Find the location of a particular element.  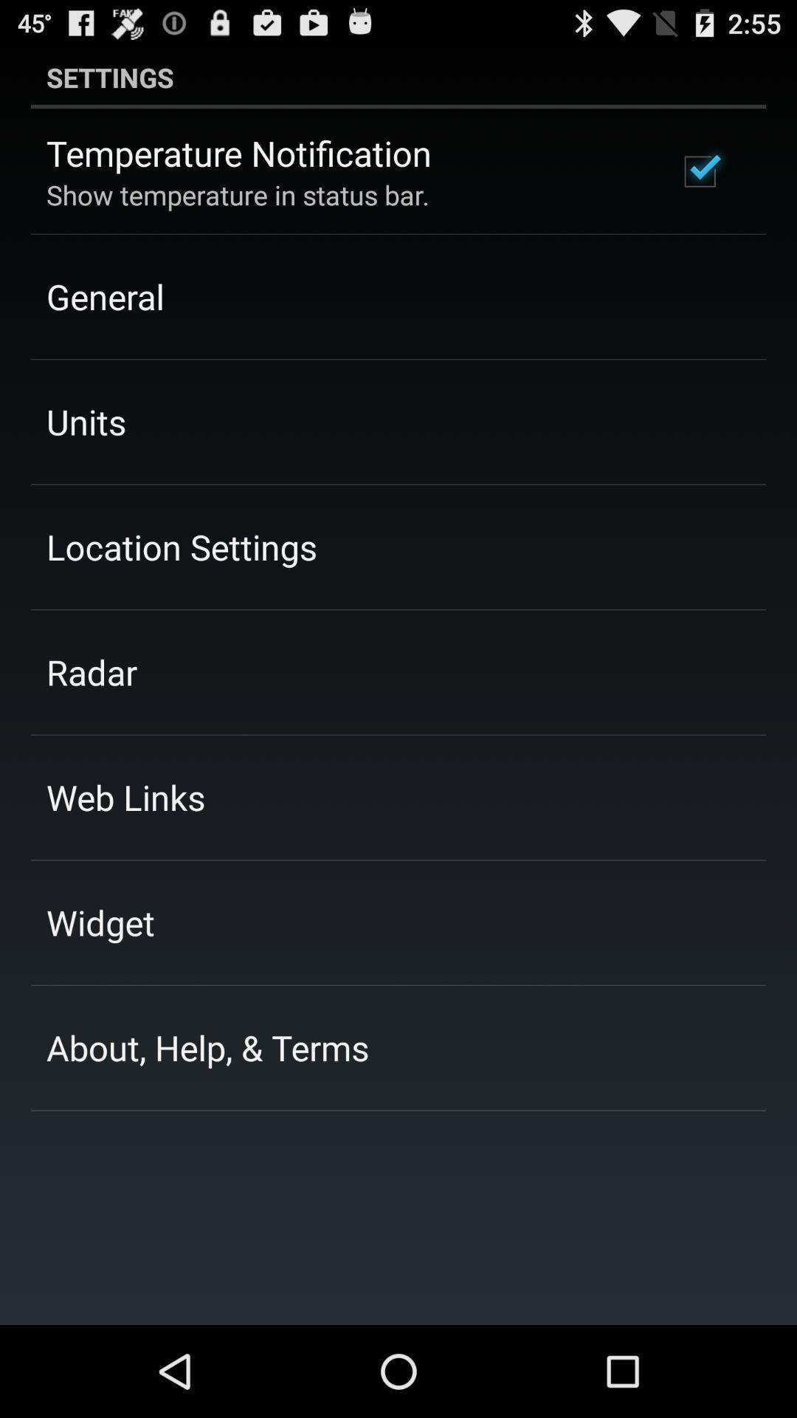

app below the settings app is located at coordinates (238, 153).